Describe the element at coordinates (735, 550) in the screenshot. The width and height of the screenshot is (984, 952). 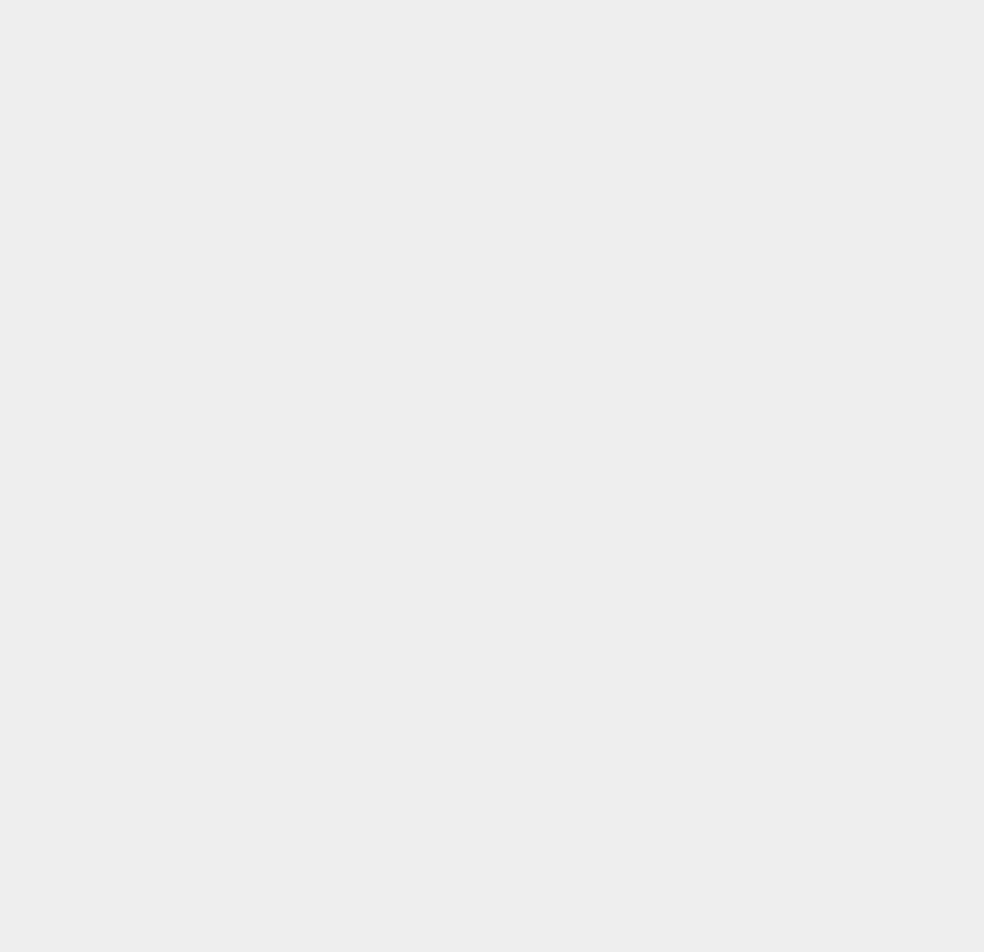
I see `'Entrepreneurs'` at that location.